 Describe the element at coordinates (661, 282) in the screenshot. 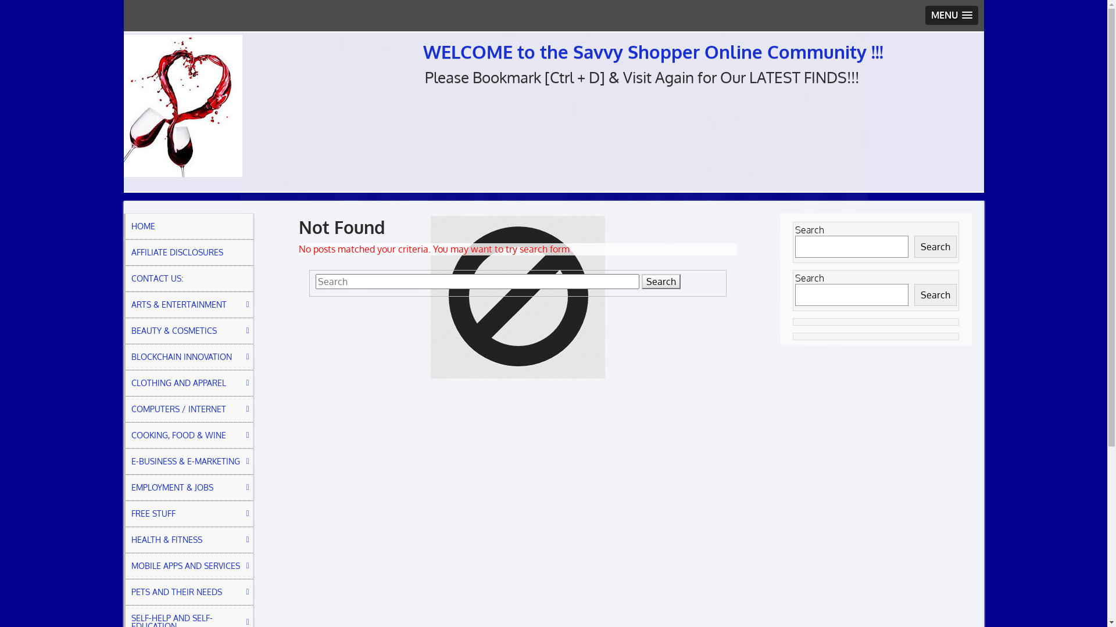

I see `'Search'` at that location.